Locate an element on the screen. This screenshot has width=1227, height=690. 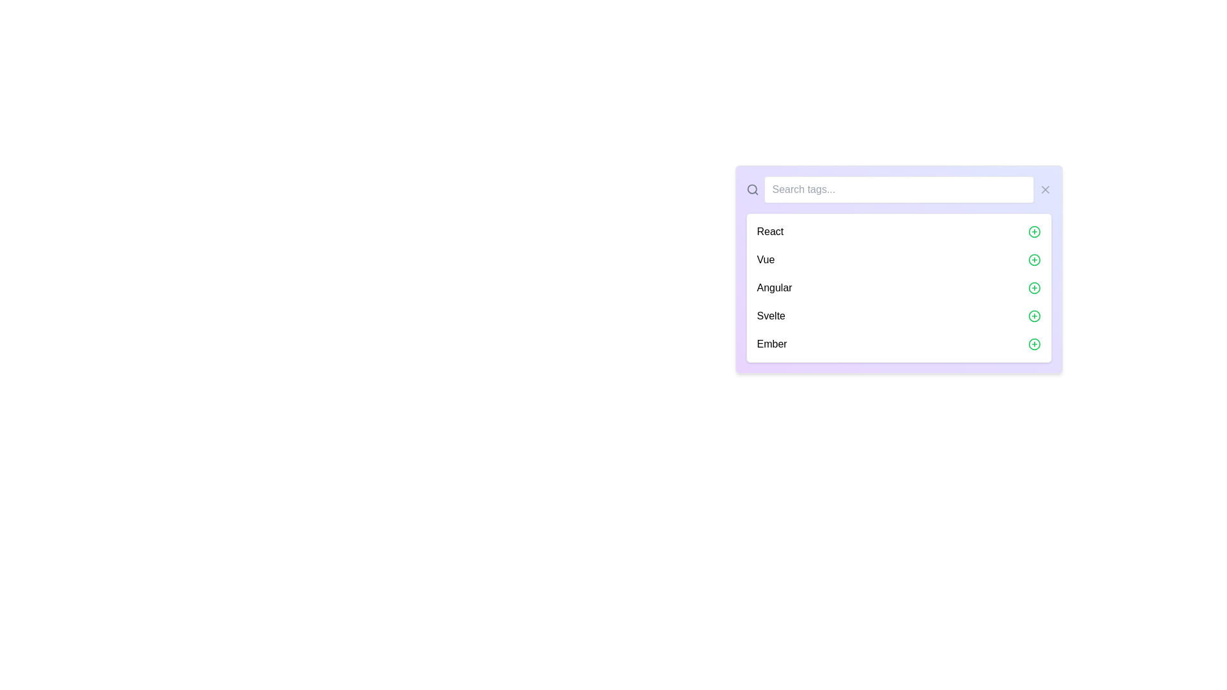
the SVG circle with a green border located to the right of the 'Angular' item in the list is located at coordinates (1034, 288).